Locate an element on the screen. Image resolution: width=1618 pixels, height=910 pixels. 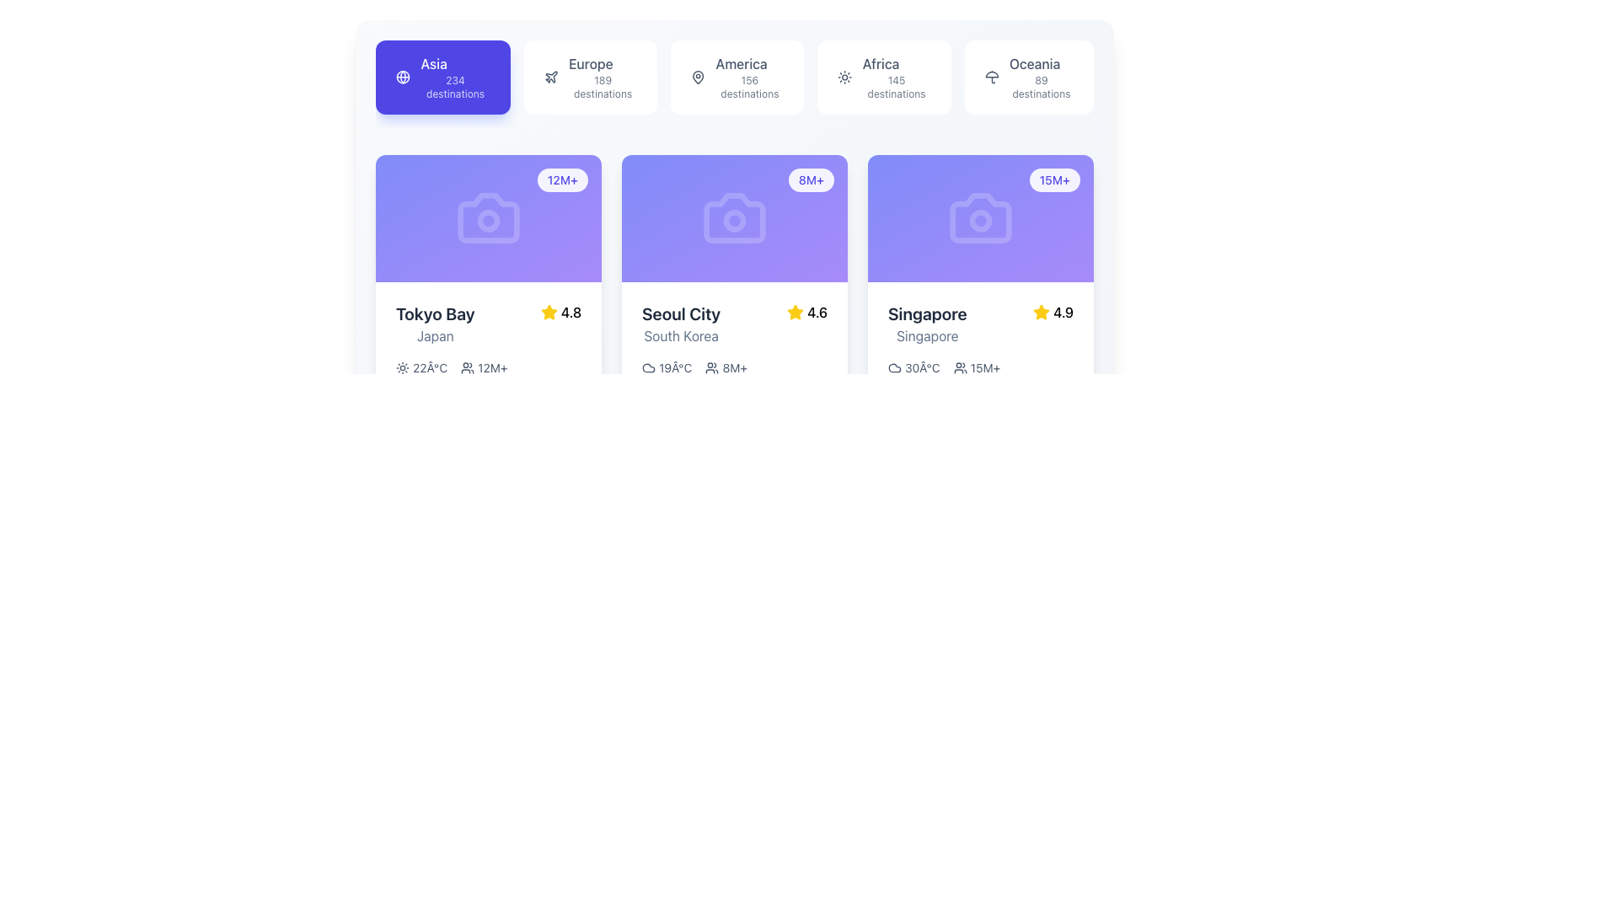
the map pin outline icon, which is a modern minimalistic graphical representation resembling a pin with a pointed bottom, located in the top section of the interface is located at coordinates (698, 78).